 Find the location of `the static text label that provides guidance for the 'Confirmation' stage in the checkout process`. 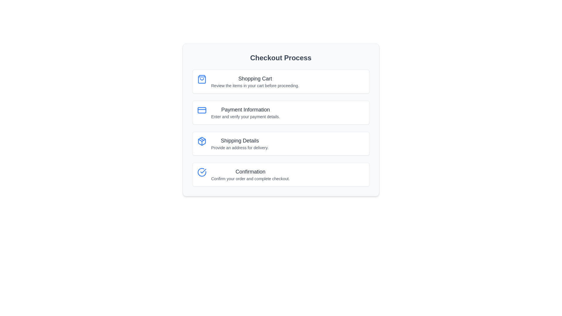

the static text label that provides guidance for the 'Confirmation' stage in the checkout process is located at coordinates (250, 178).